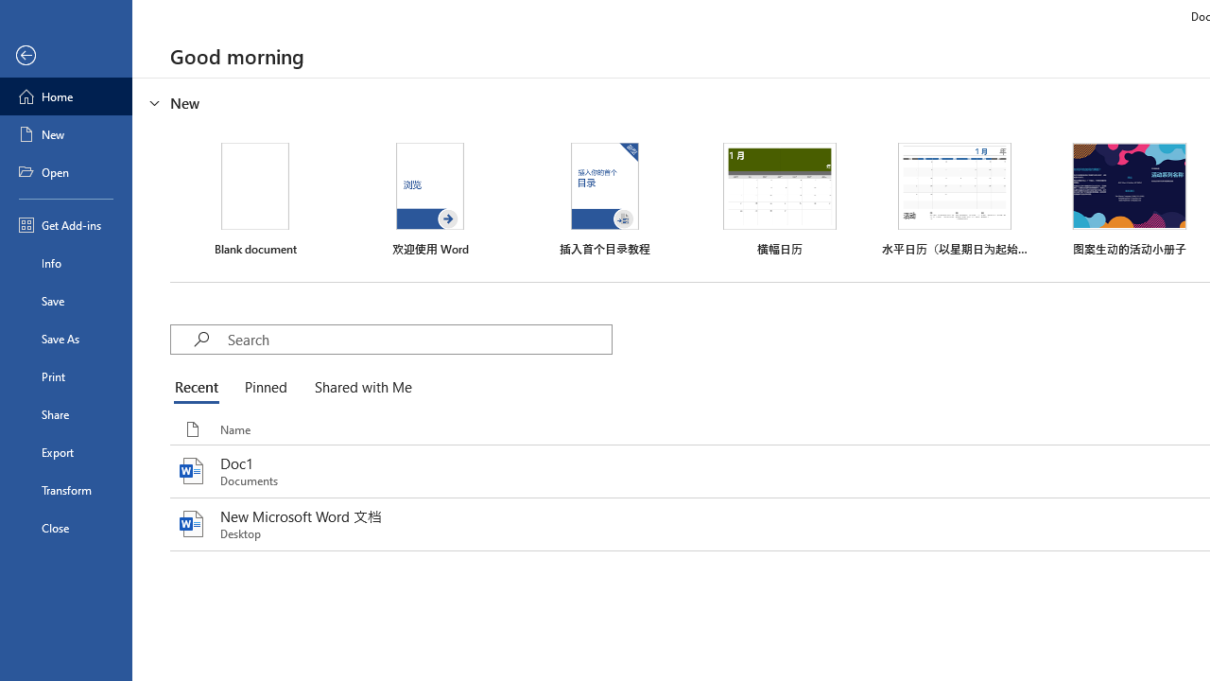 Image resolution: width=1210 pixels, height=681 pixels. Describe the element at coordinates (264, 388) in the screenshot. I see `'Pinned'` at that location.